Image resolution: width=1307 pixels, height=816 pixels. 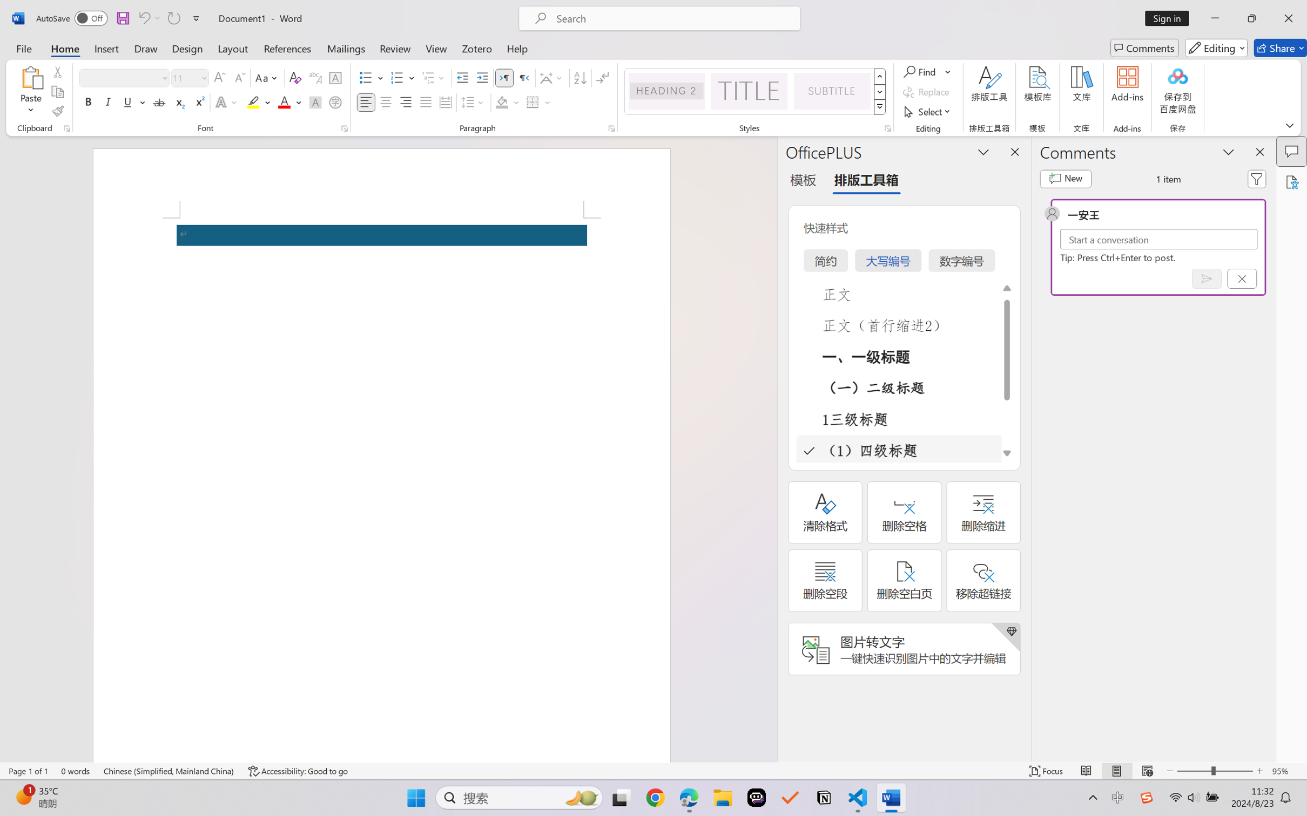 What do you see at coordinates (749, 91) in the screenshot?
I see `'Title'` at bounding box center [749, 91].